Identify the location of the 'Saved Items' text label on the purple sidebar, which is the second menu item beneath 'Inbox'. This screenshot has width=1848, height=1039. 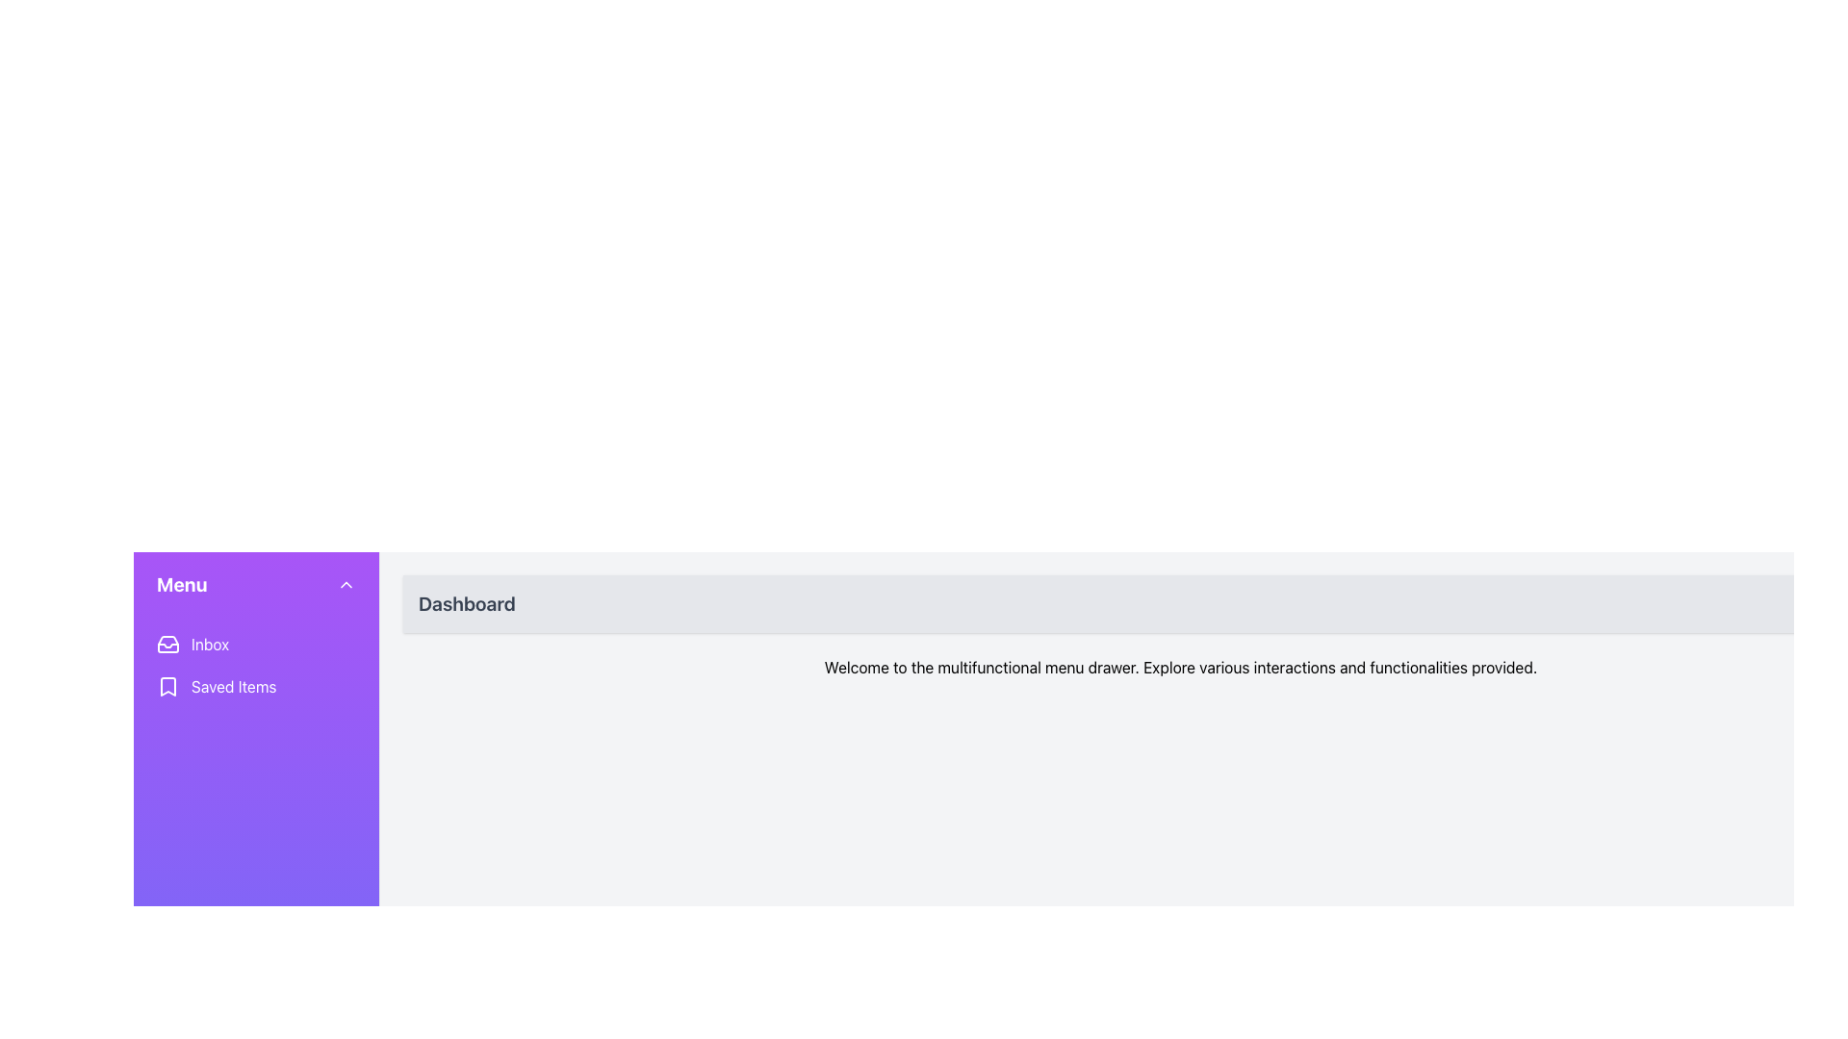
(233, 685).